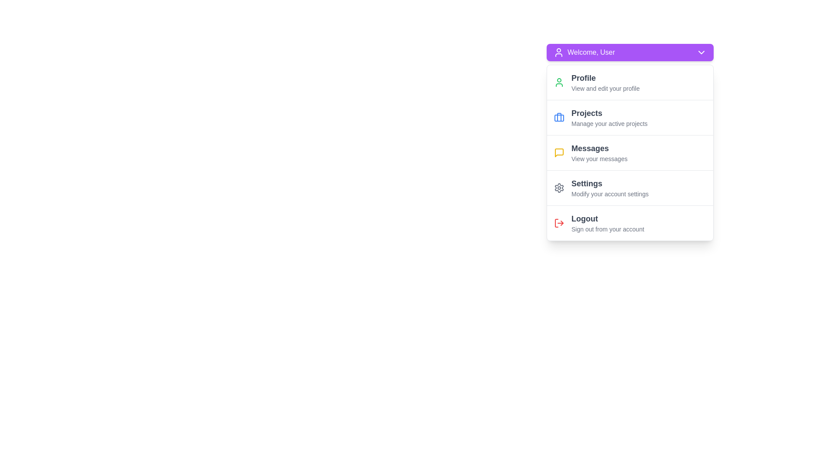 The image size is (835, 469). What do you see at coordinates (609, 187) in the screenshot?
I see `the List item labeled 'Settings' which includes a bold header and a subtitle, positioned fourth in the dropdown menu` at bounding box center [609, 187].